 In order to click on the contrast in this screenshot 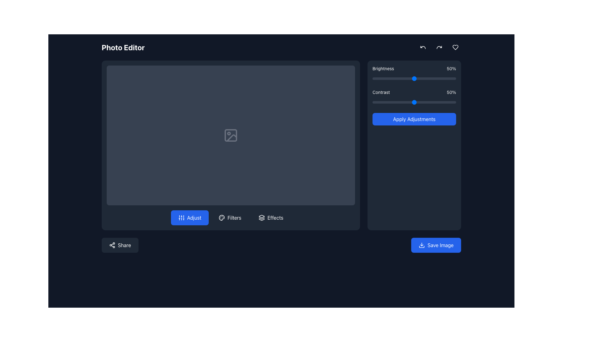, I will do `click(402, 102)`.